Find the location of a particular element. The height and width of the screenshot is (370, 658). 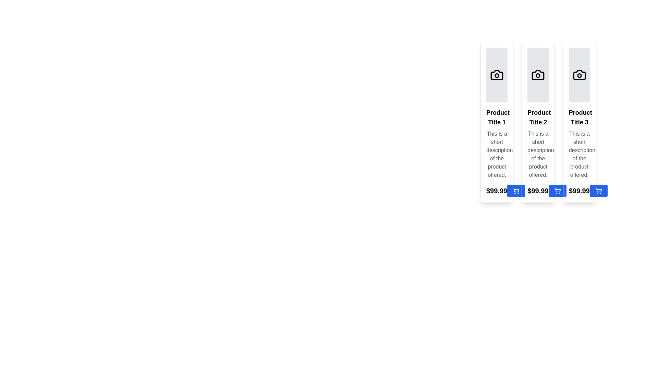

the block of text styled in gray serif typeface that reads 'This is a short description of the product offered.', located directly under the 'Product Title 3' heading is located at coordinates (579, 155).